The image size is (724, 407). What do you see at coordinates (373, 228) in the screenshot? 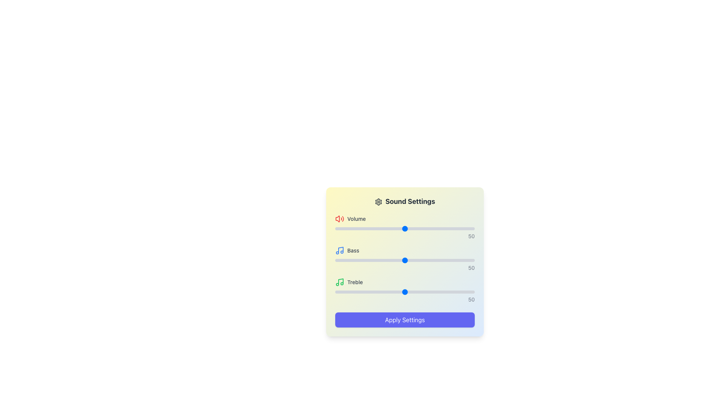
I see `the volume level` at bounding box center [373, 228].